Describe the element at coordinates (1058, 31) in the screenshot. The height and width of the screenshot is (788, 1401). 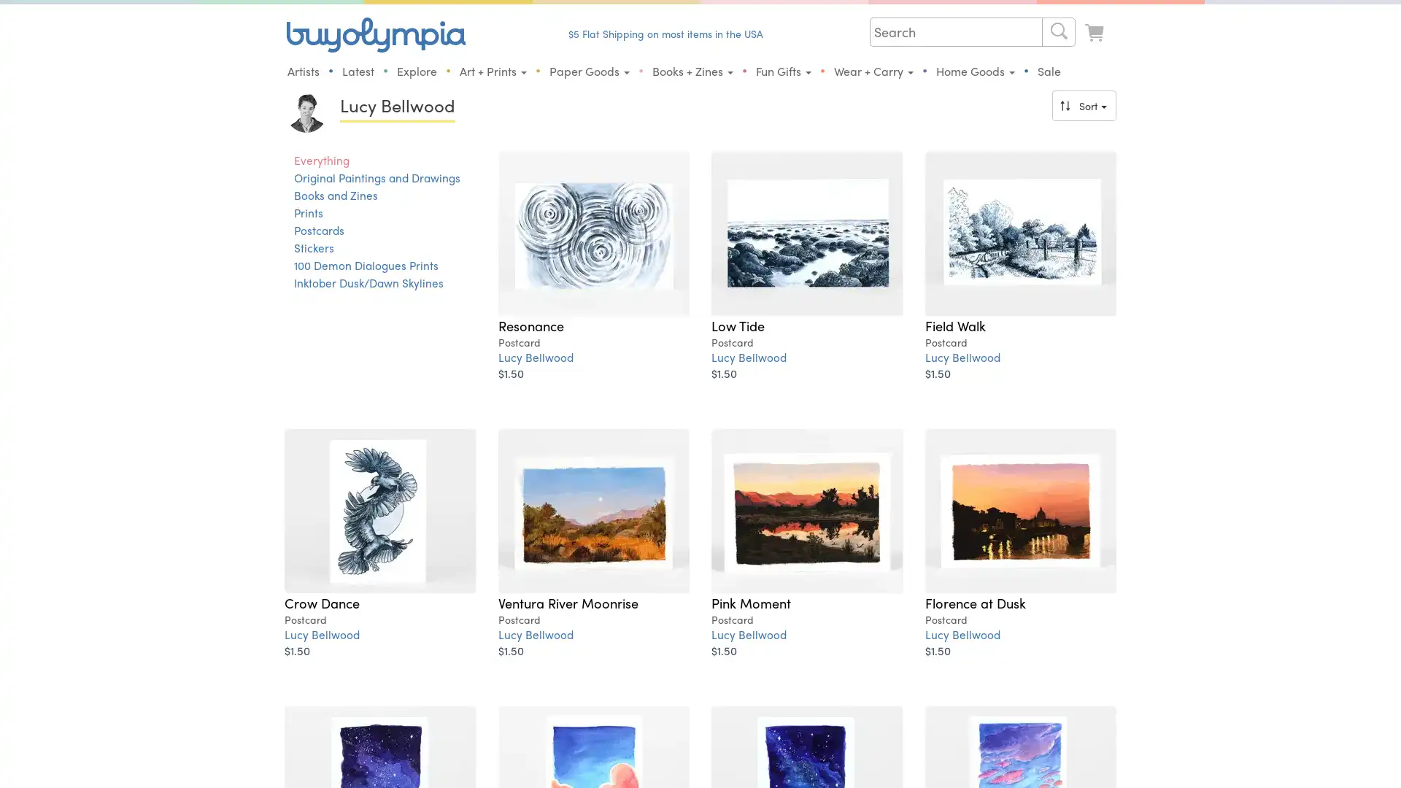
I see `Search` at that location.